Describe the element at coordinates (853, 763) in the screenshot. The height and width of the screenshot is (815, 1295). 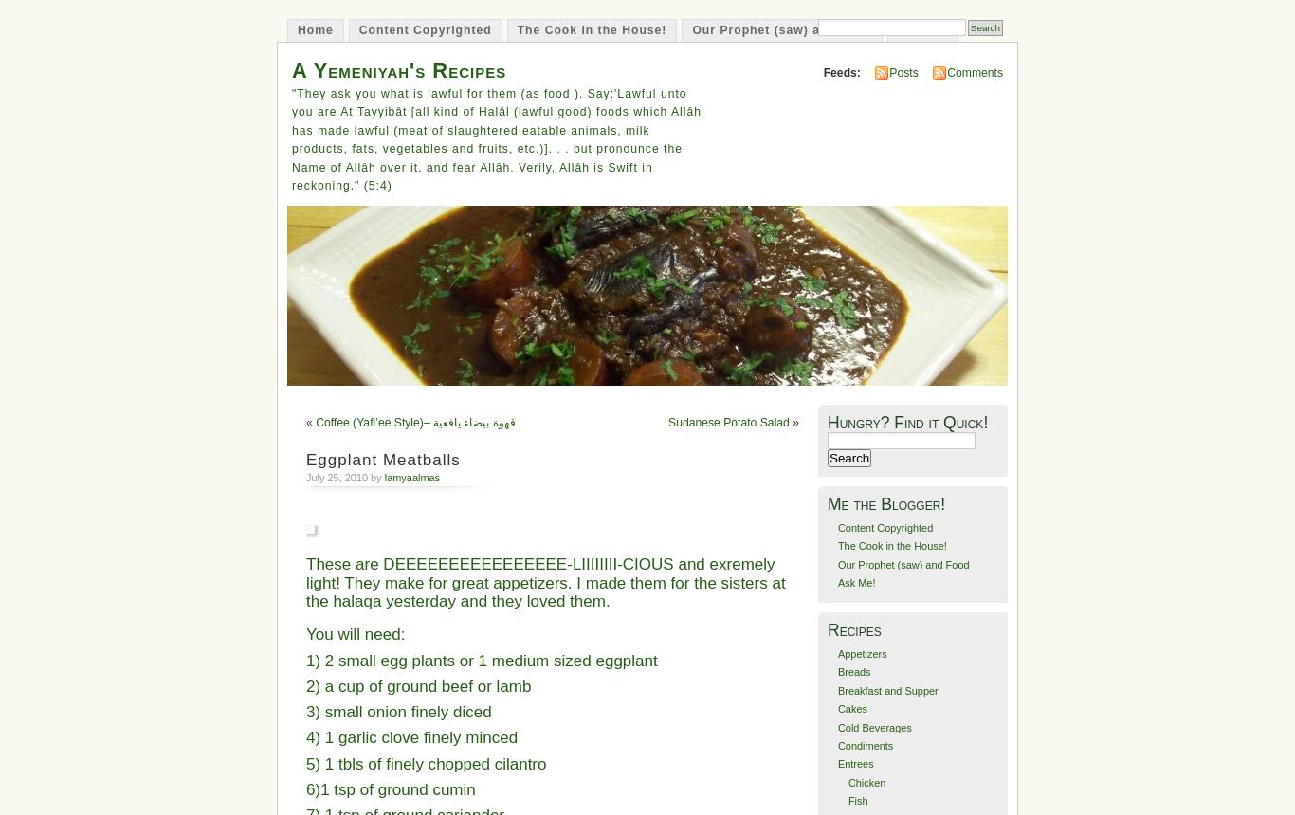
I see `'Entrees'` at that location.